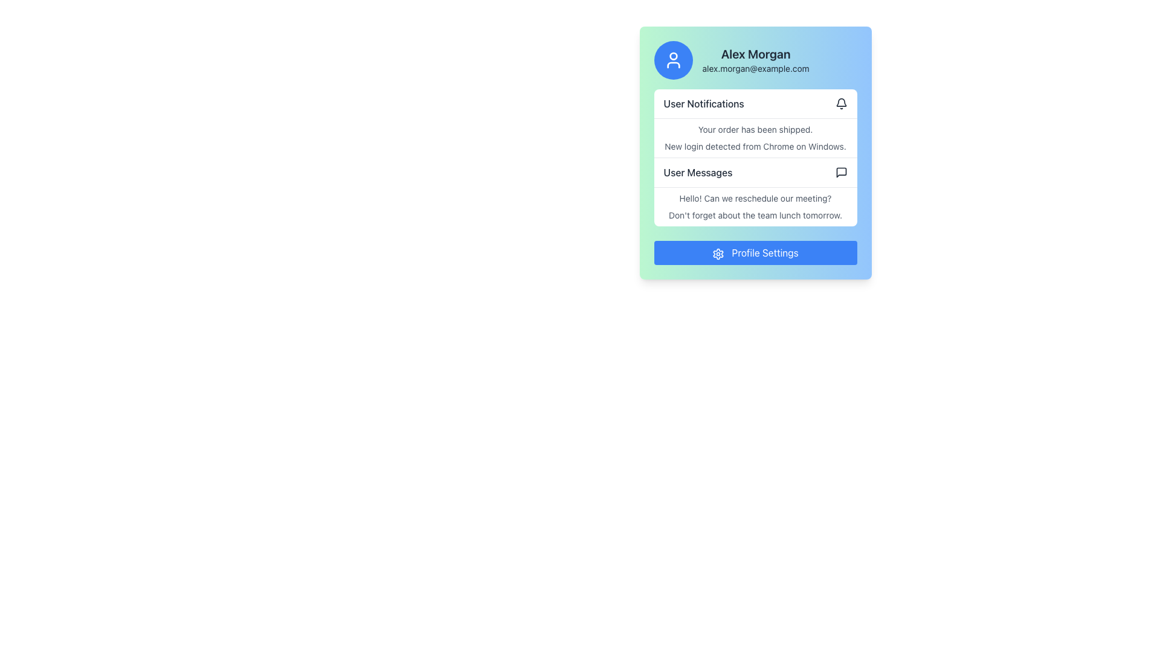 The image size is (1160, 652). I want to click on prominent header text 'Alex Morgan' located at the top of the profile card, above the email address 'alex.morgan@example.com', so click(755, 53).